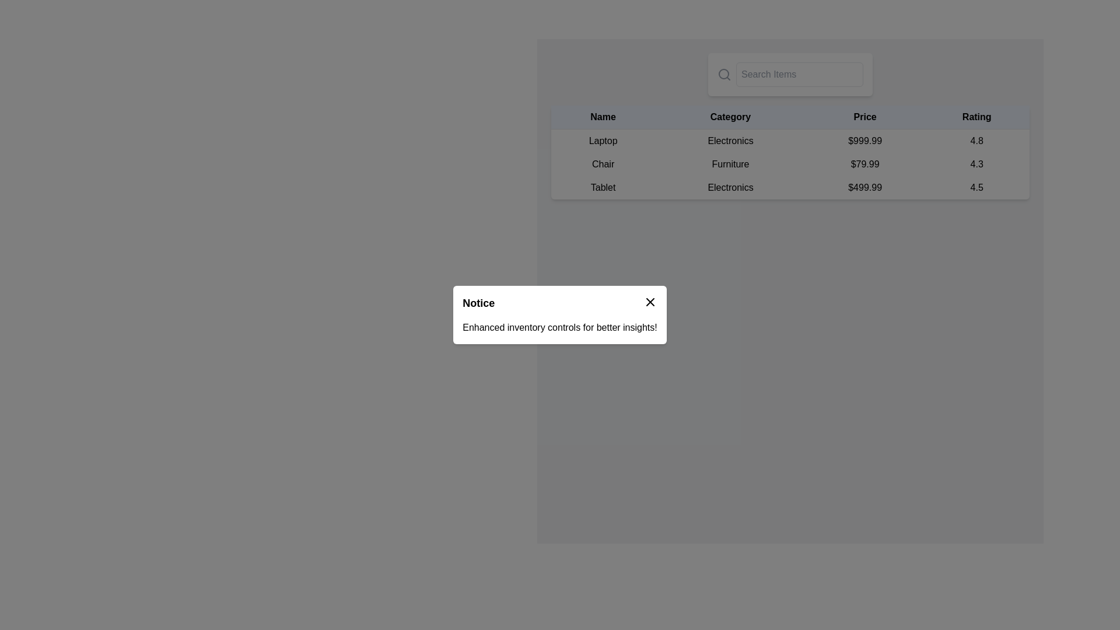  I want to click on the Notification modal, so click(560, 315).